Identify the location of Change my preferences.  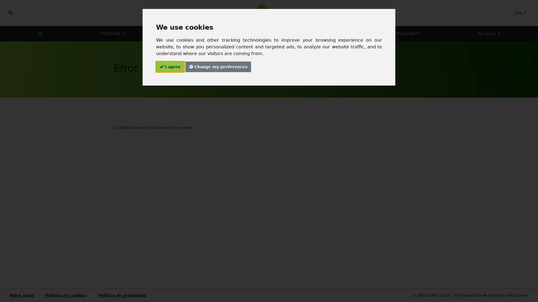
(217, 67).